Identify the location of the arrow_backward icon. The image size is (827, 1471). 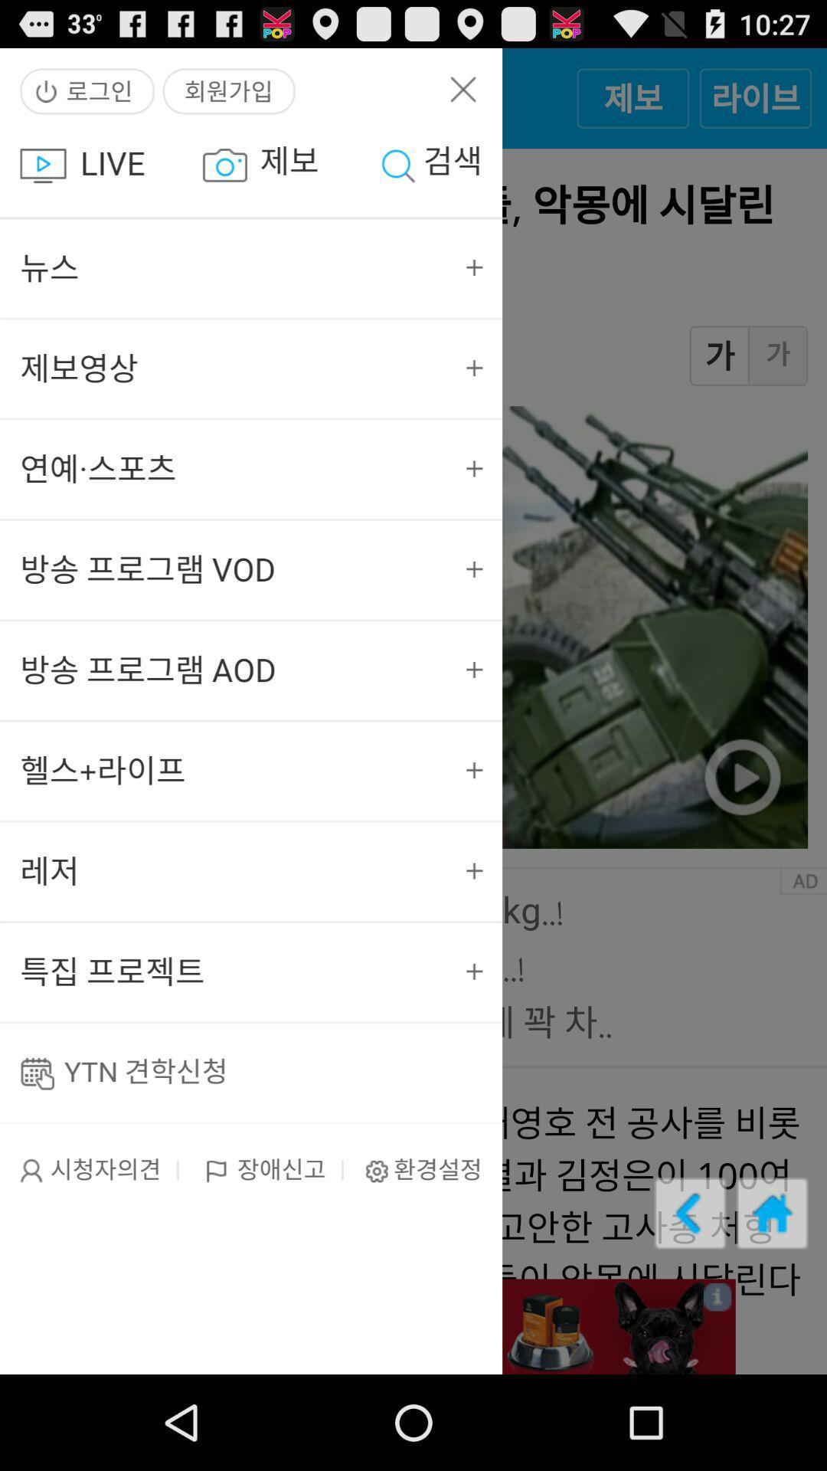
(690, 1298).